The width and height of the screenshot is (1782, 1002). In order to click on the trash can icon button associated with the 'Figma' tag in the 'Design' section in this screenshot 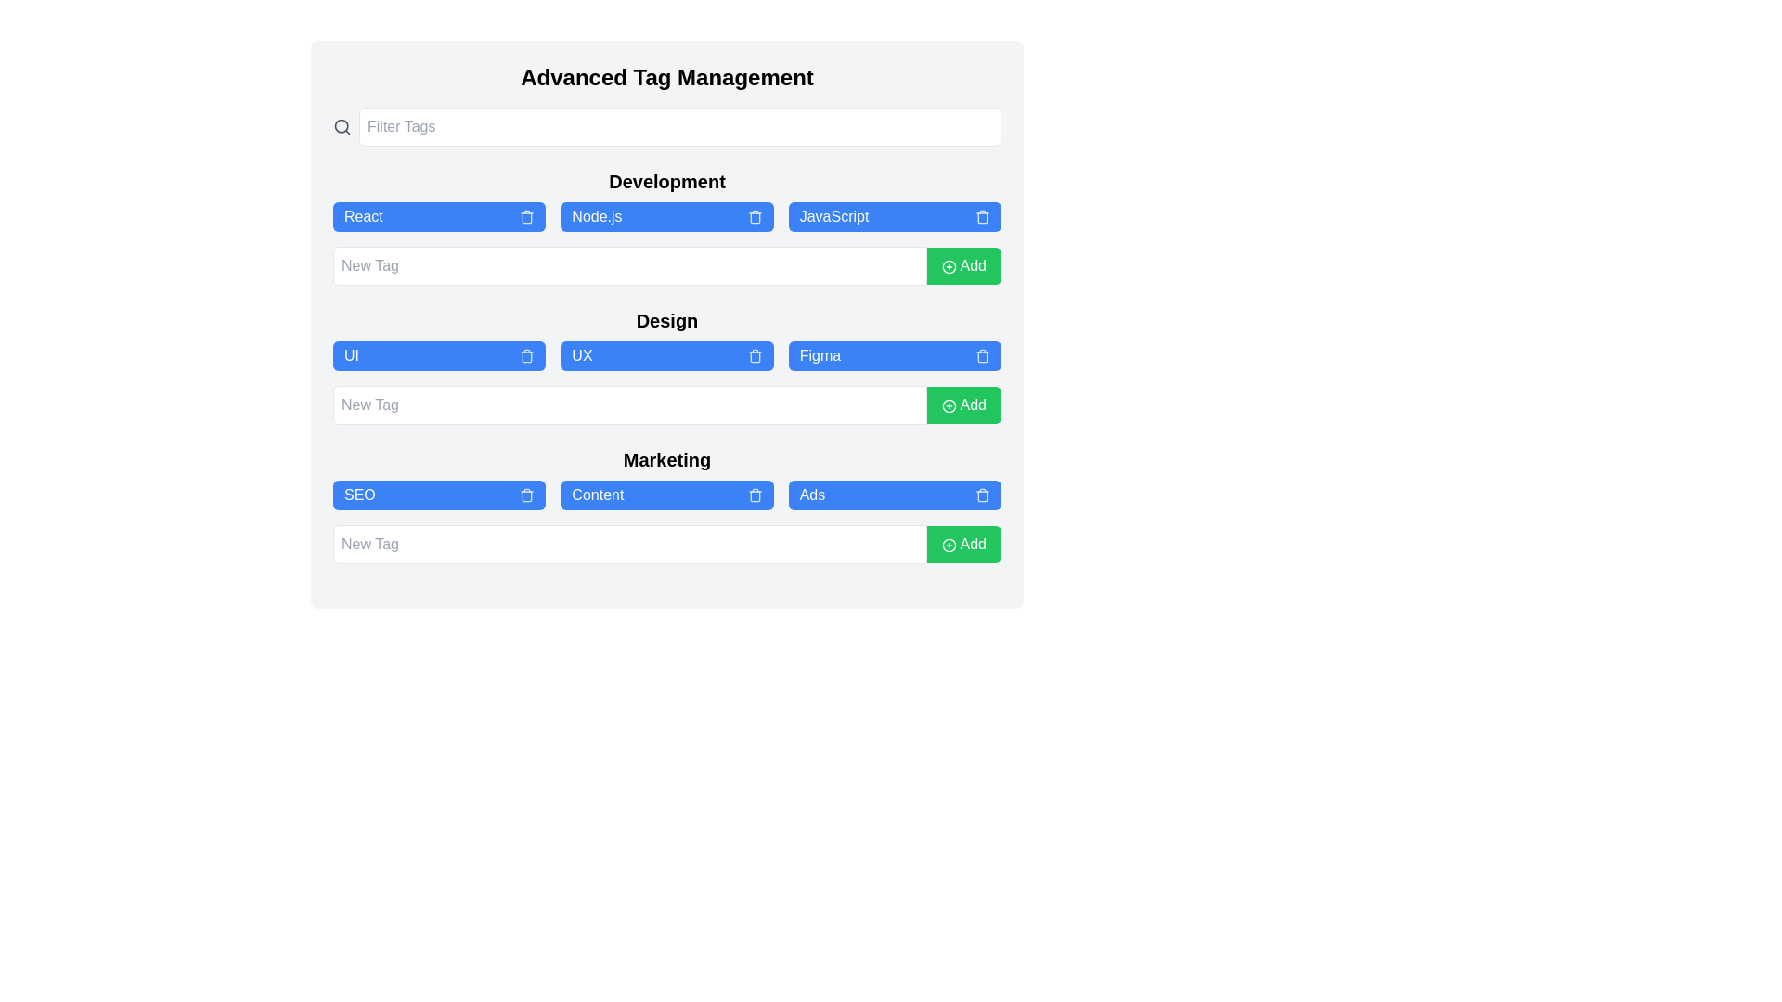, I will do `click(980, 356)`.